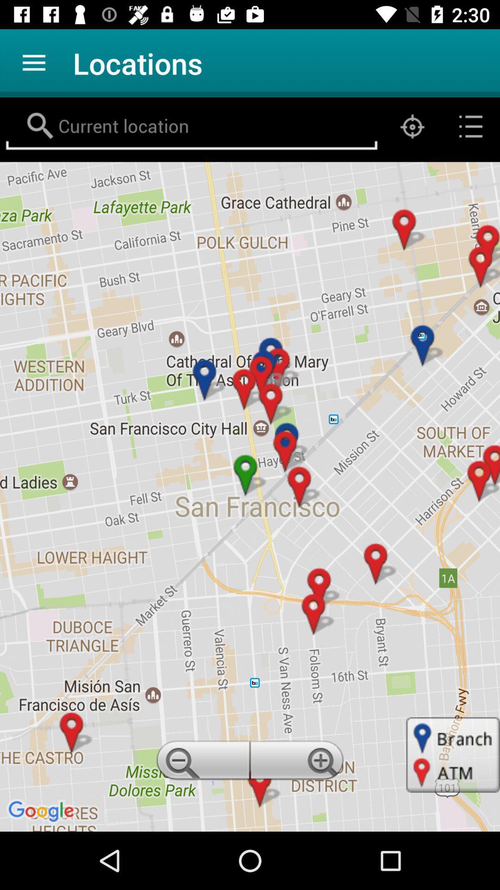 This screenshot has height=890, width=500. Describe the element at coordinates (471, 126) in the screenshot. I see `the list icon` at that location.